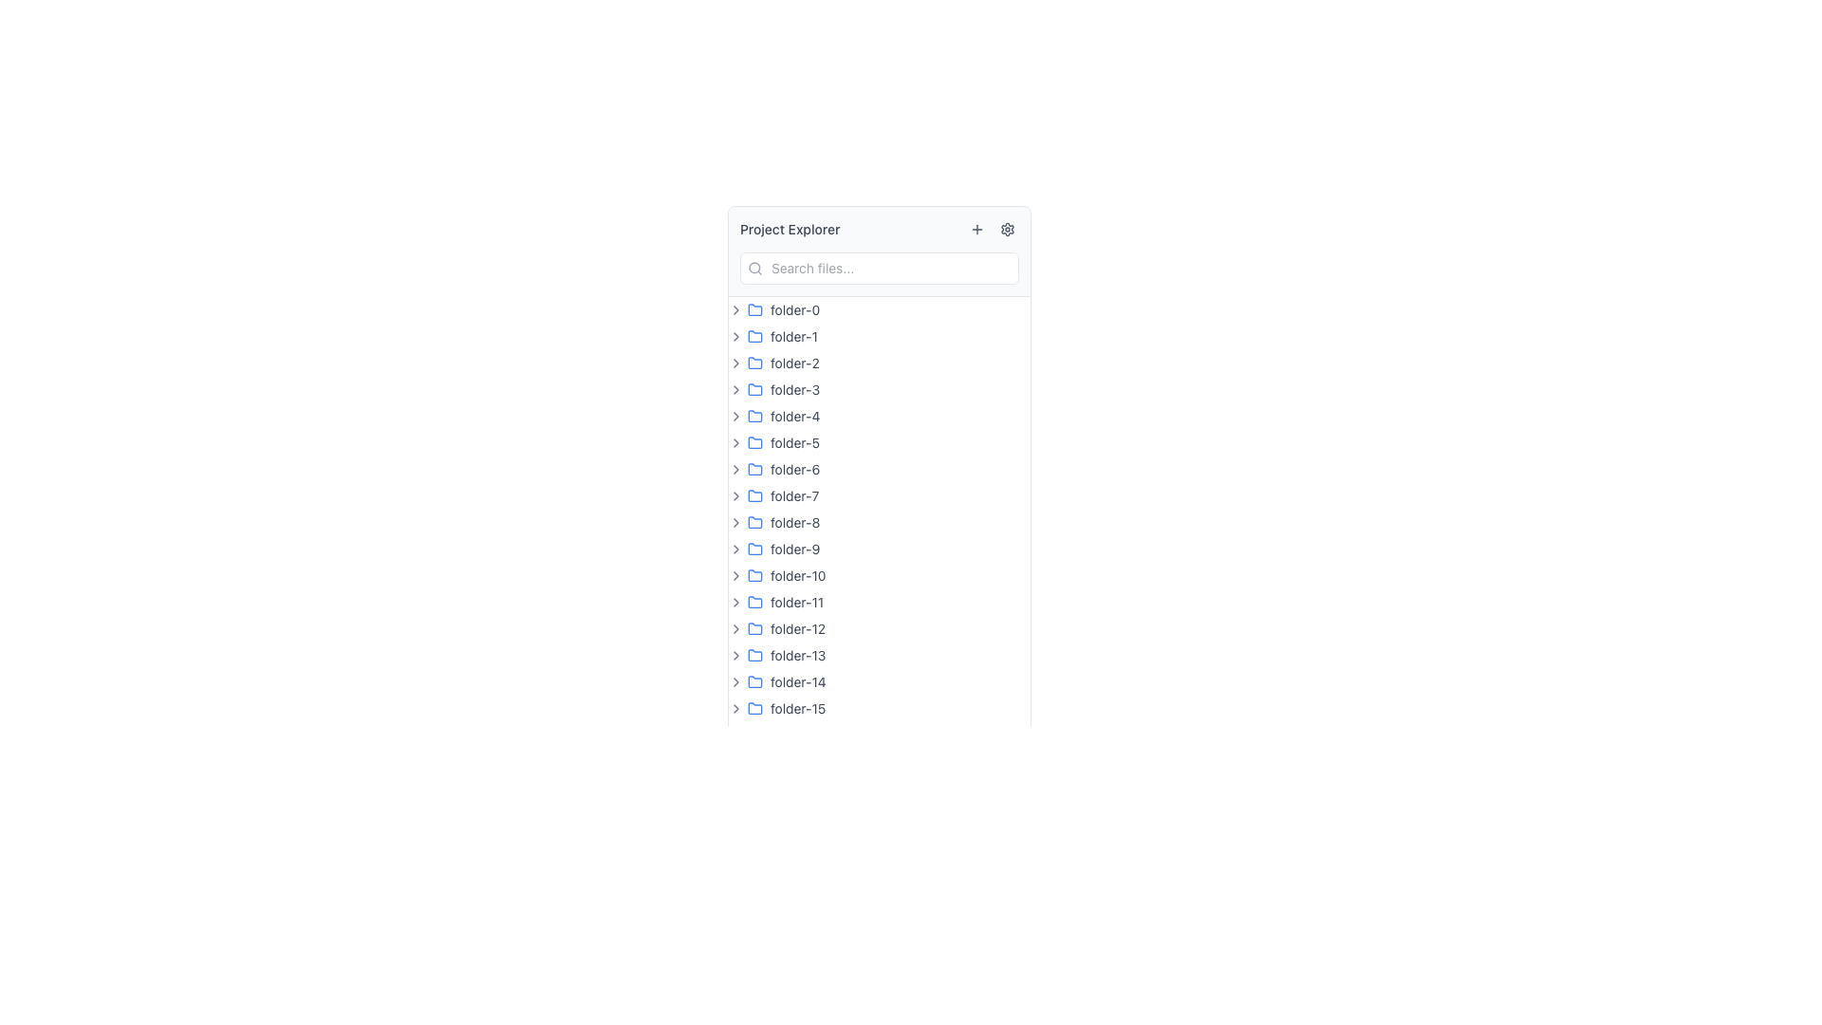 The height and width of the screenshot is (1025, 1822). I want to click on the blue folder icon labeled 'folder-6' in the Project Explorer panel, so click(754, 468).